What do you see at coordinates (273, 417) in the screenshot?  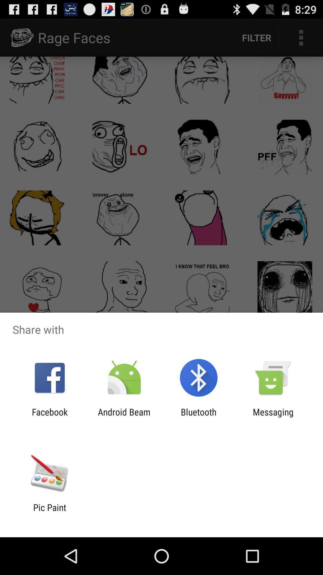 I see `messaging item` at bounding box center [273, 417].